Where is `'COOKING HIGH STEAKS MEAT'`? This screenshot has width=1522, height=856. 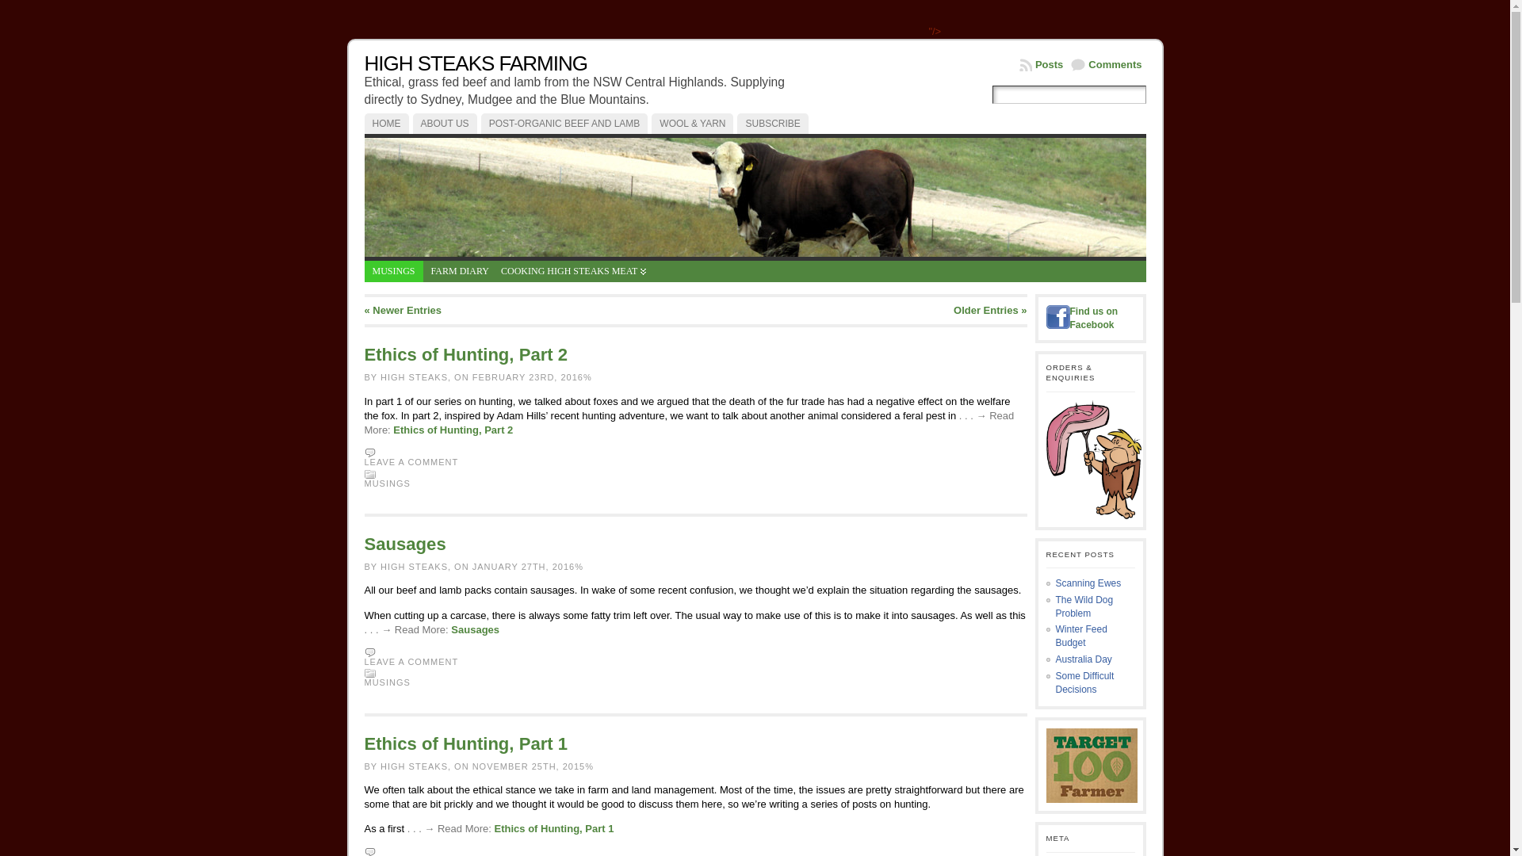
'COOKING HIGH STEAKS MEAT' is located at coordinates (572, 270).